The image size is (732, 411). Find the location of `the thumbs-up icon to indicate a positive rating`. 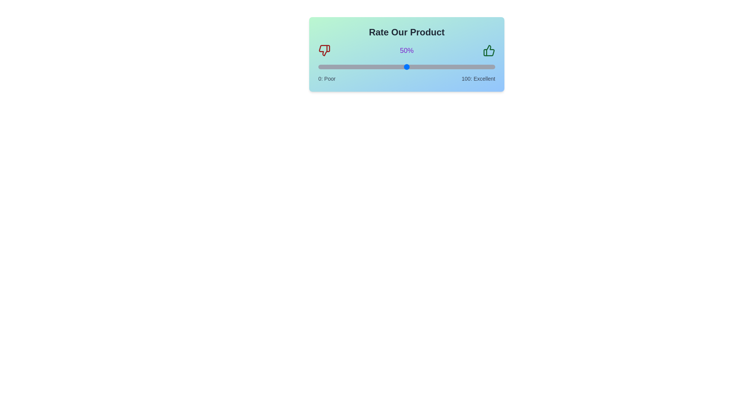

the thumbs-up icon to indicate a positive rating is located at coordinates (488, 50).